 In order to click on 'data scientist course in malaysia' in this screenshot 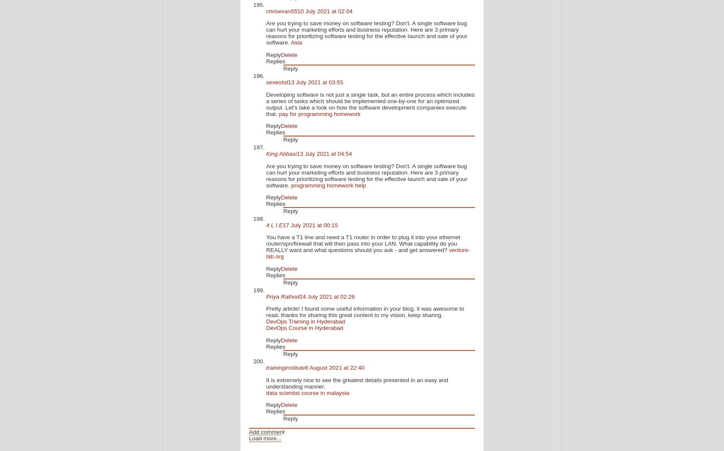, I will do `click(307, 392)`.